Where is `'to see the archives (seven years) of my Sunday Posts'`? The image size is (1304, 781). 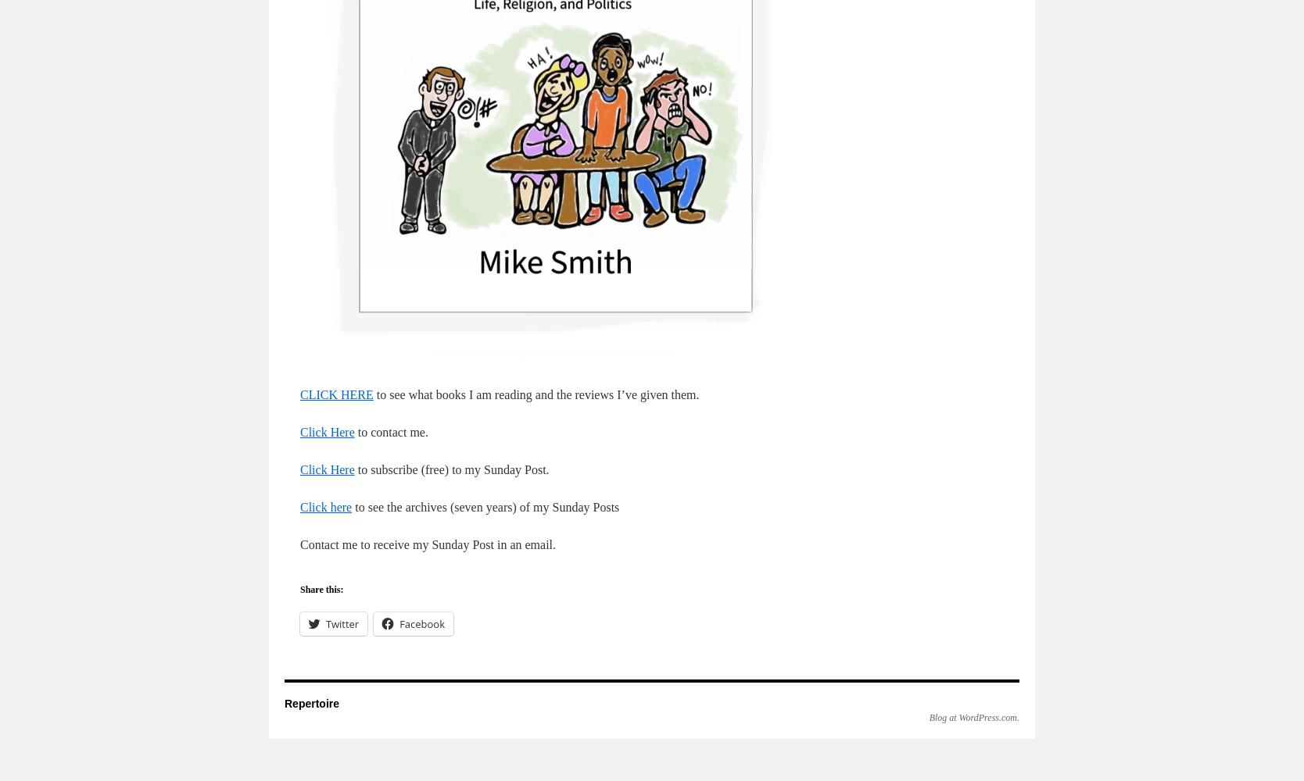 'to see the archives (seven years) of my Sunday Posts' is located at coordinates (485, 507).